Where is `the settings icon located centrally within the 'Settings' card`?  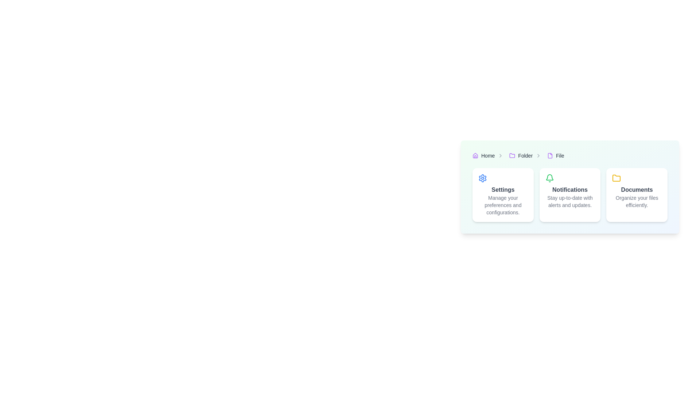 the settings icon located centrally within the 'Settings' card is located at coordinates (483, 178).